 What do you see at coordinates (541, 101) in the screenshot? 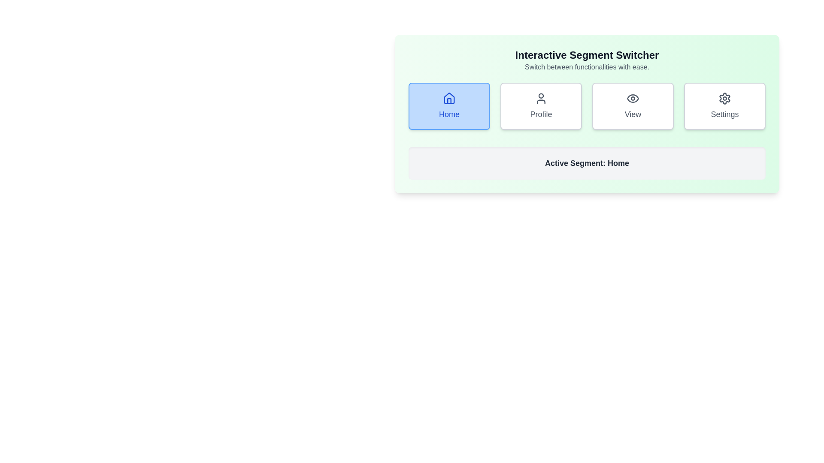
I see `the 'Profile' button, which is the second button from the left in the button group located in the center of the green panel` at bounding box center [541, 101].